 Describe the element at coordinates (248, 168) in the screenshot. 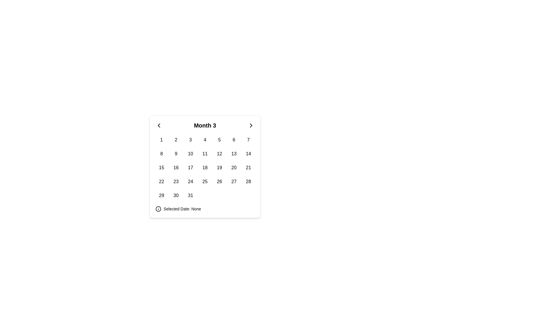

I see `the numeric button displaying '21' located in the third row, seventh column of the calendar grid` at that location.